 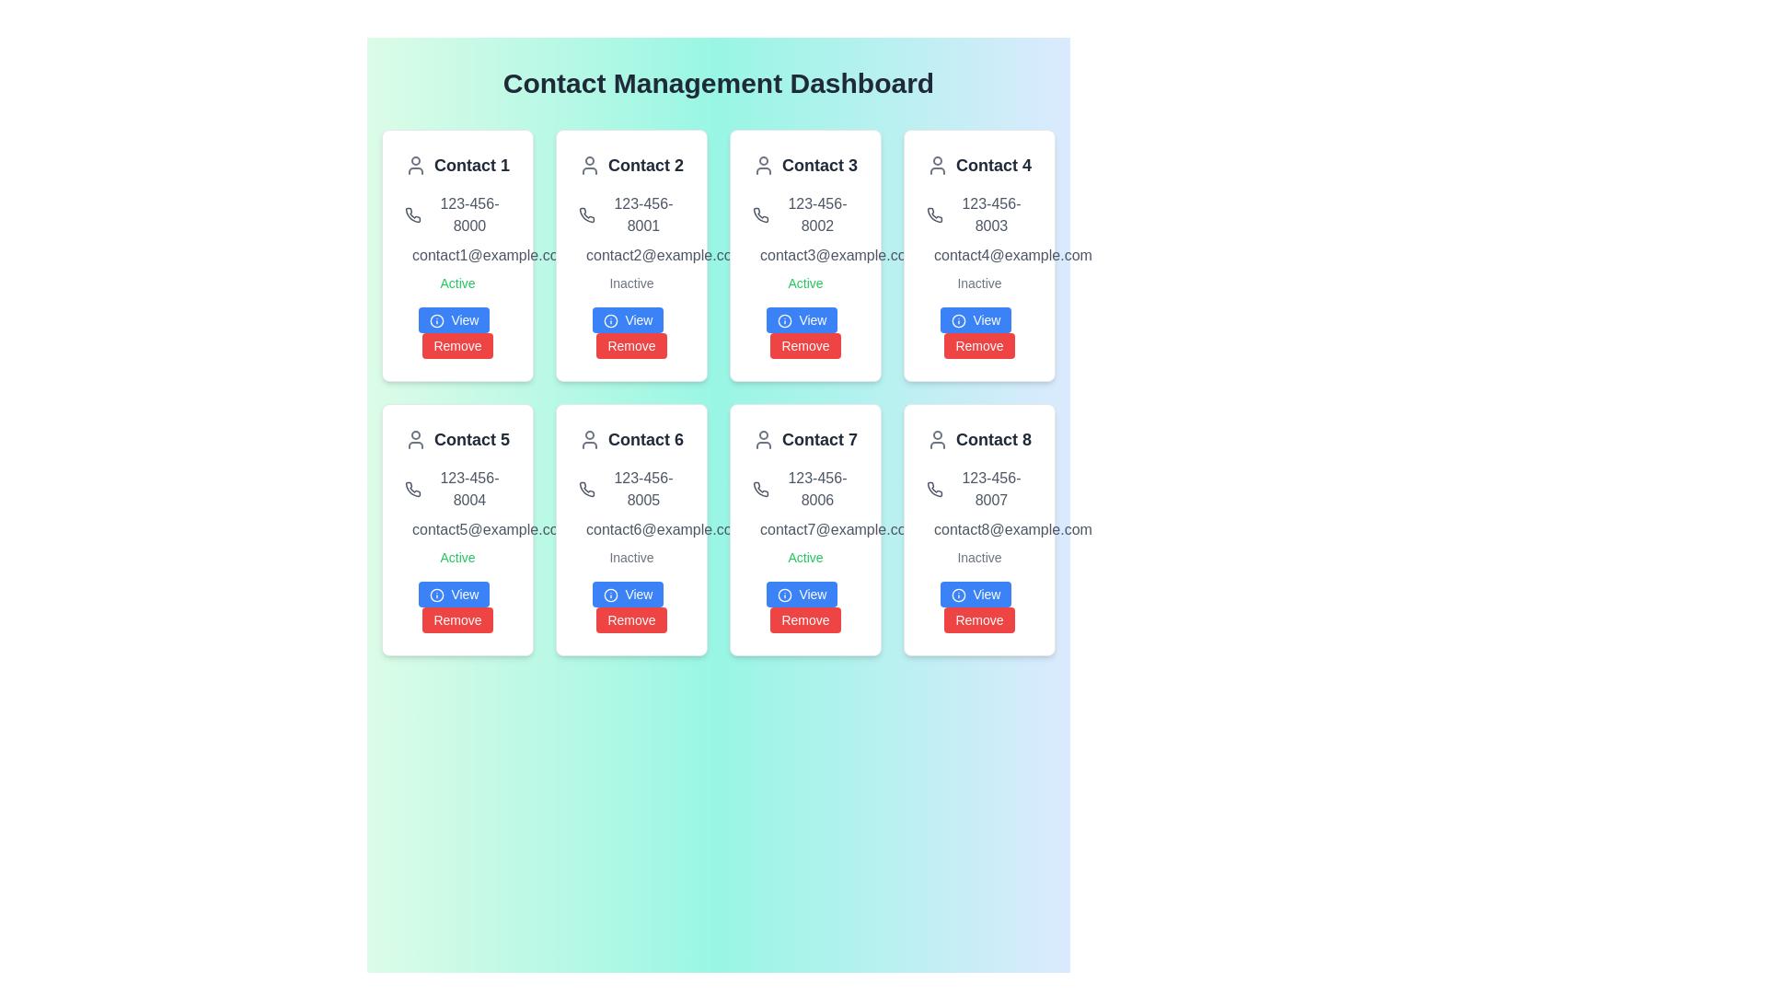 What do you see at coordinates (414, 258) in the screenshot?
I see `the email icon SVG representing the 'Contact 1' card, located at the top left corner of the card, slightly to the left of the email address text` at bounding box center [414, 258].